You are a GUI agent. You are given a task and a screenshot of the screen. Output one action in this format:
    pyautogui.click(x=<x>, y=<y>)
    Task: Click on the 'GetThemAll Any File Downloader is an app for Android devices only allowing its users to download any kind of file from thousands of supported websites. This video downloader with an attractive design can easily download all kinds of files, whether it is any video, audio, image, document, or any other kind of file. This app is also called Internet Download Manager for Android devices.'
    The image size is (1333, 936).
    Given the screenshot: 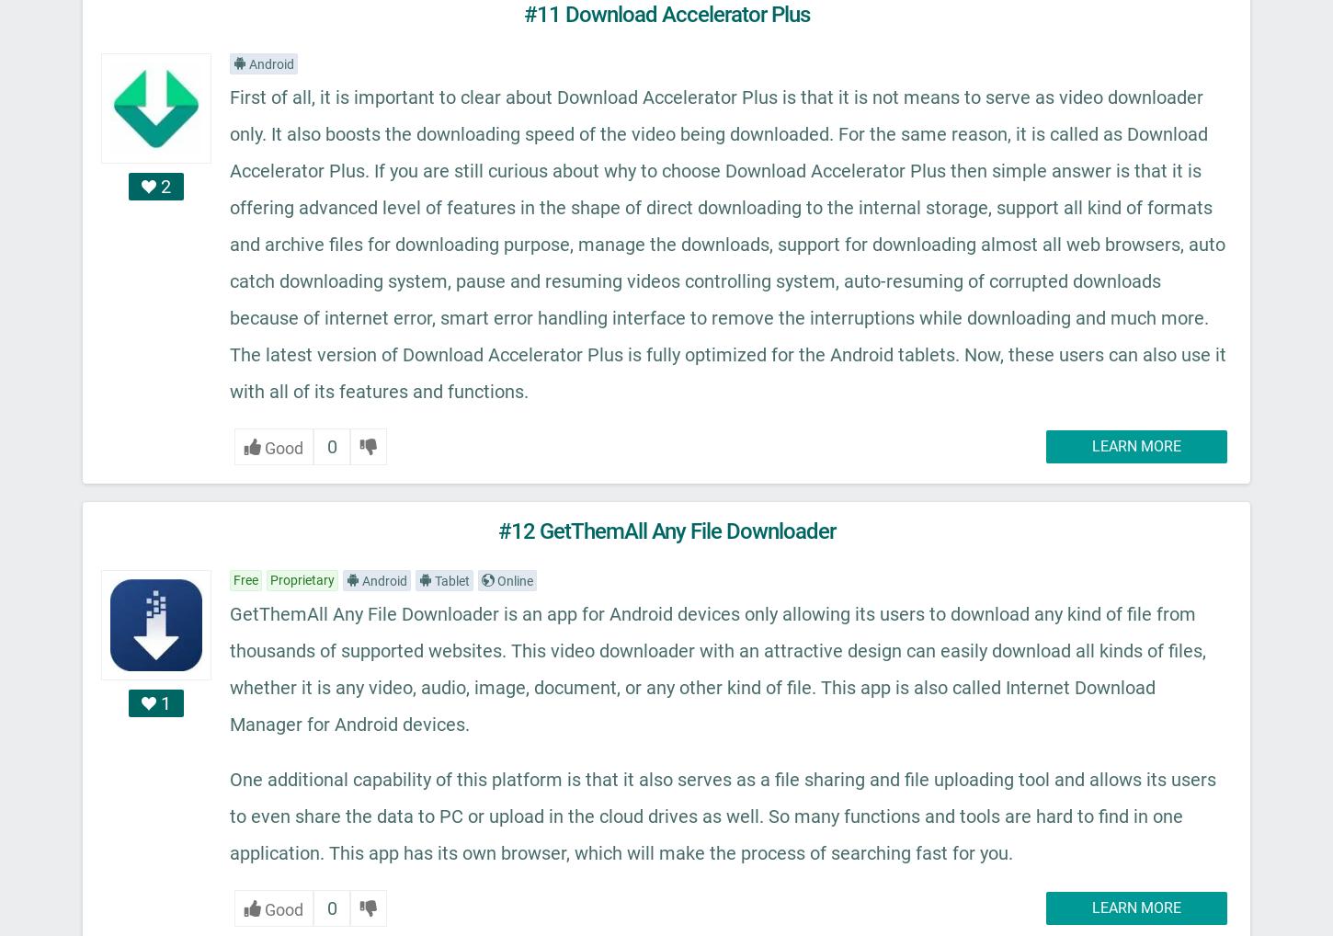 What is the action you would take?
    pyautogui.click(x=717, y=668)
    